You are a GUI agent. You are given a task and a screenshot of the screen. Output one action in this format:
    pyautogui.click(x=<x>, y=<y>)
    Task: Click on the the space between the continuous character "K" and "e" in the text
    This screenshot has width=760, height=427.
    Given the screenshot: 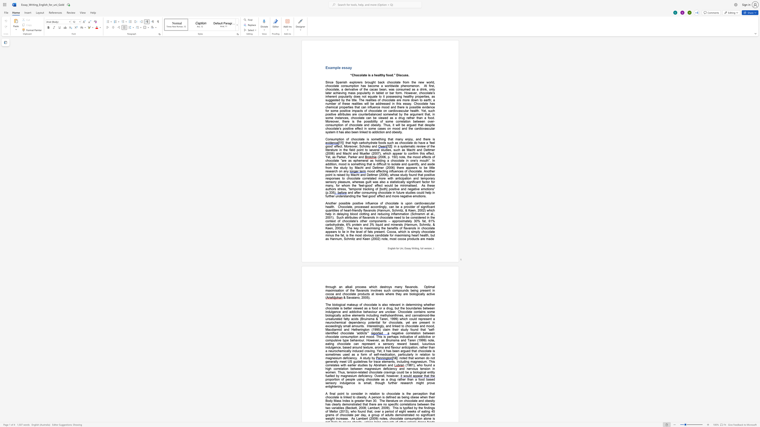 What is the action you would take?
    pyautogui.click(x=327, y=228)
    